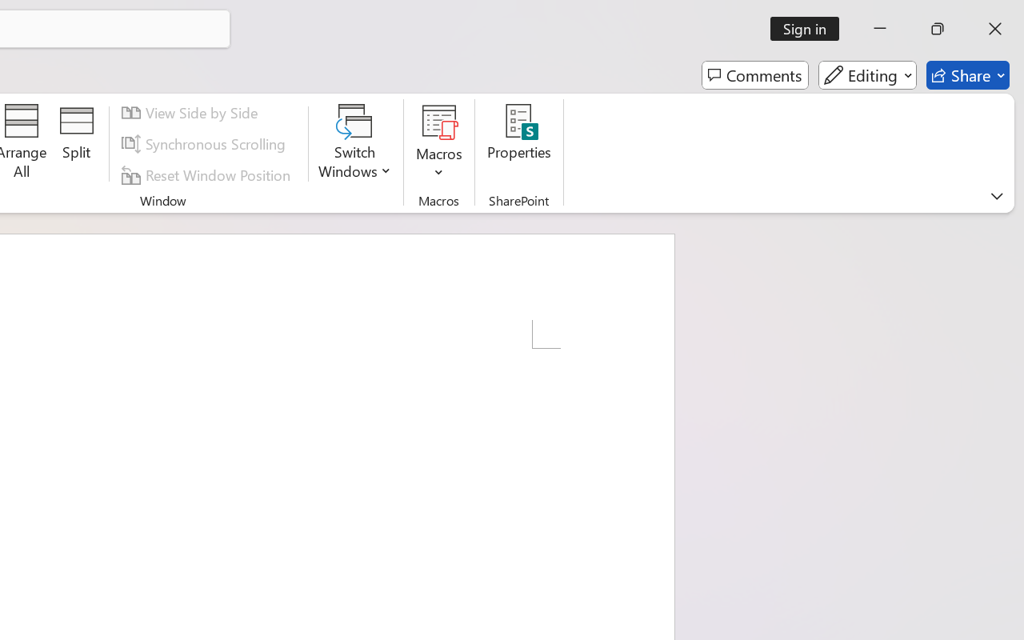  I want to click on 'Synchronous Scrolling', so click(205, 143).